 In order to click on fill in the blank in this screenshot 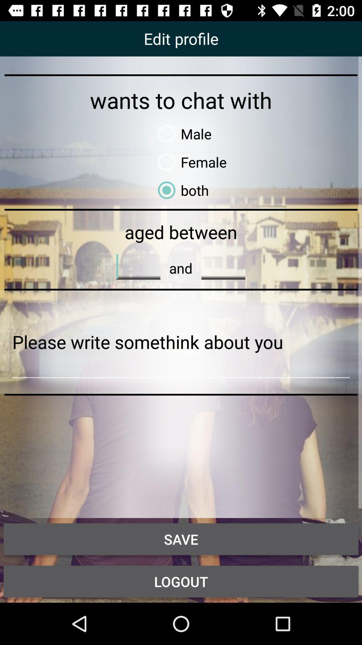, I will do `click(223, 266)`.